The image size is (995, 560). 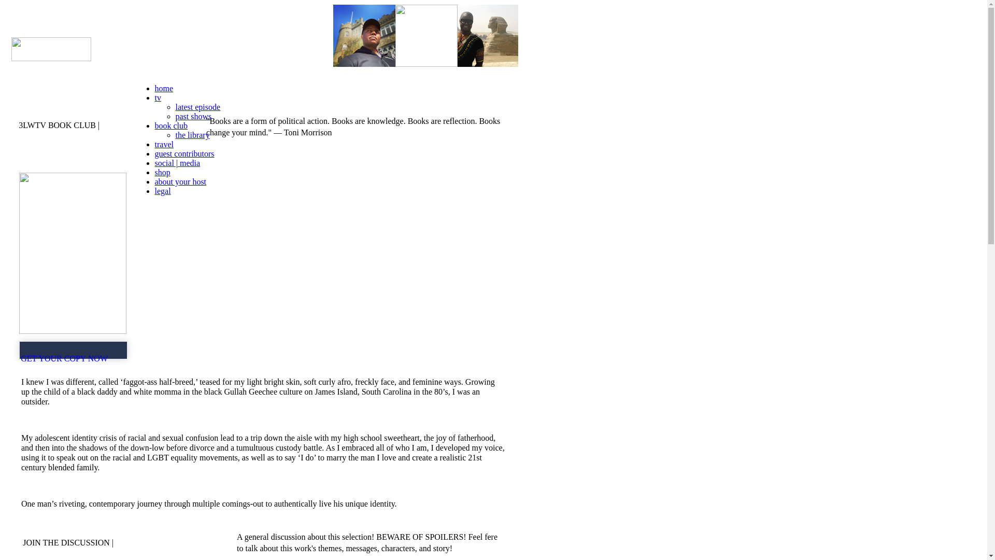 I want to click on 'home', so click(x=163, y=88).